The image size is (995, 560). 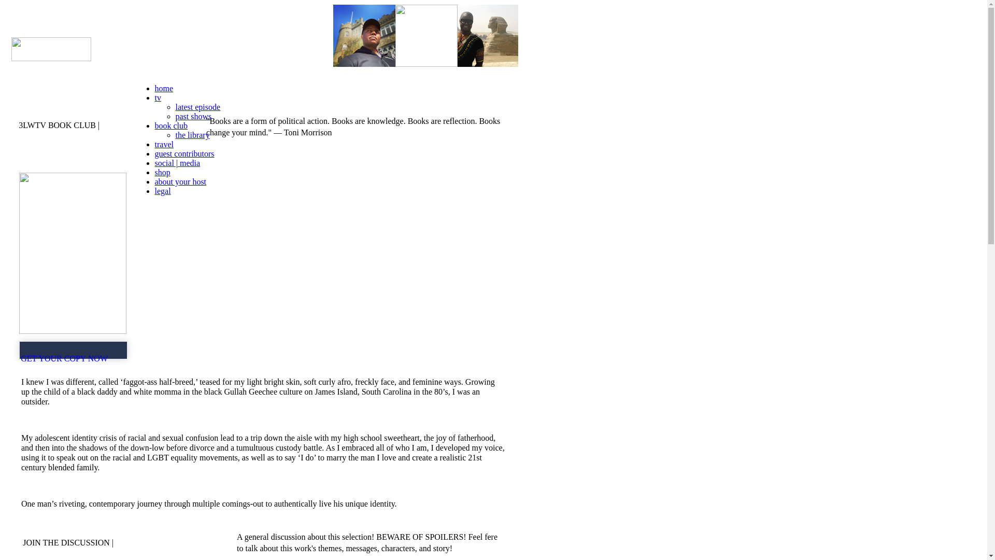 I want to click on 'home', so click(x=163, y=88).